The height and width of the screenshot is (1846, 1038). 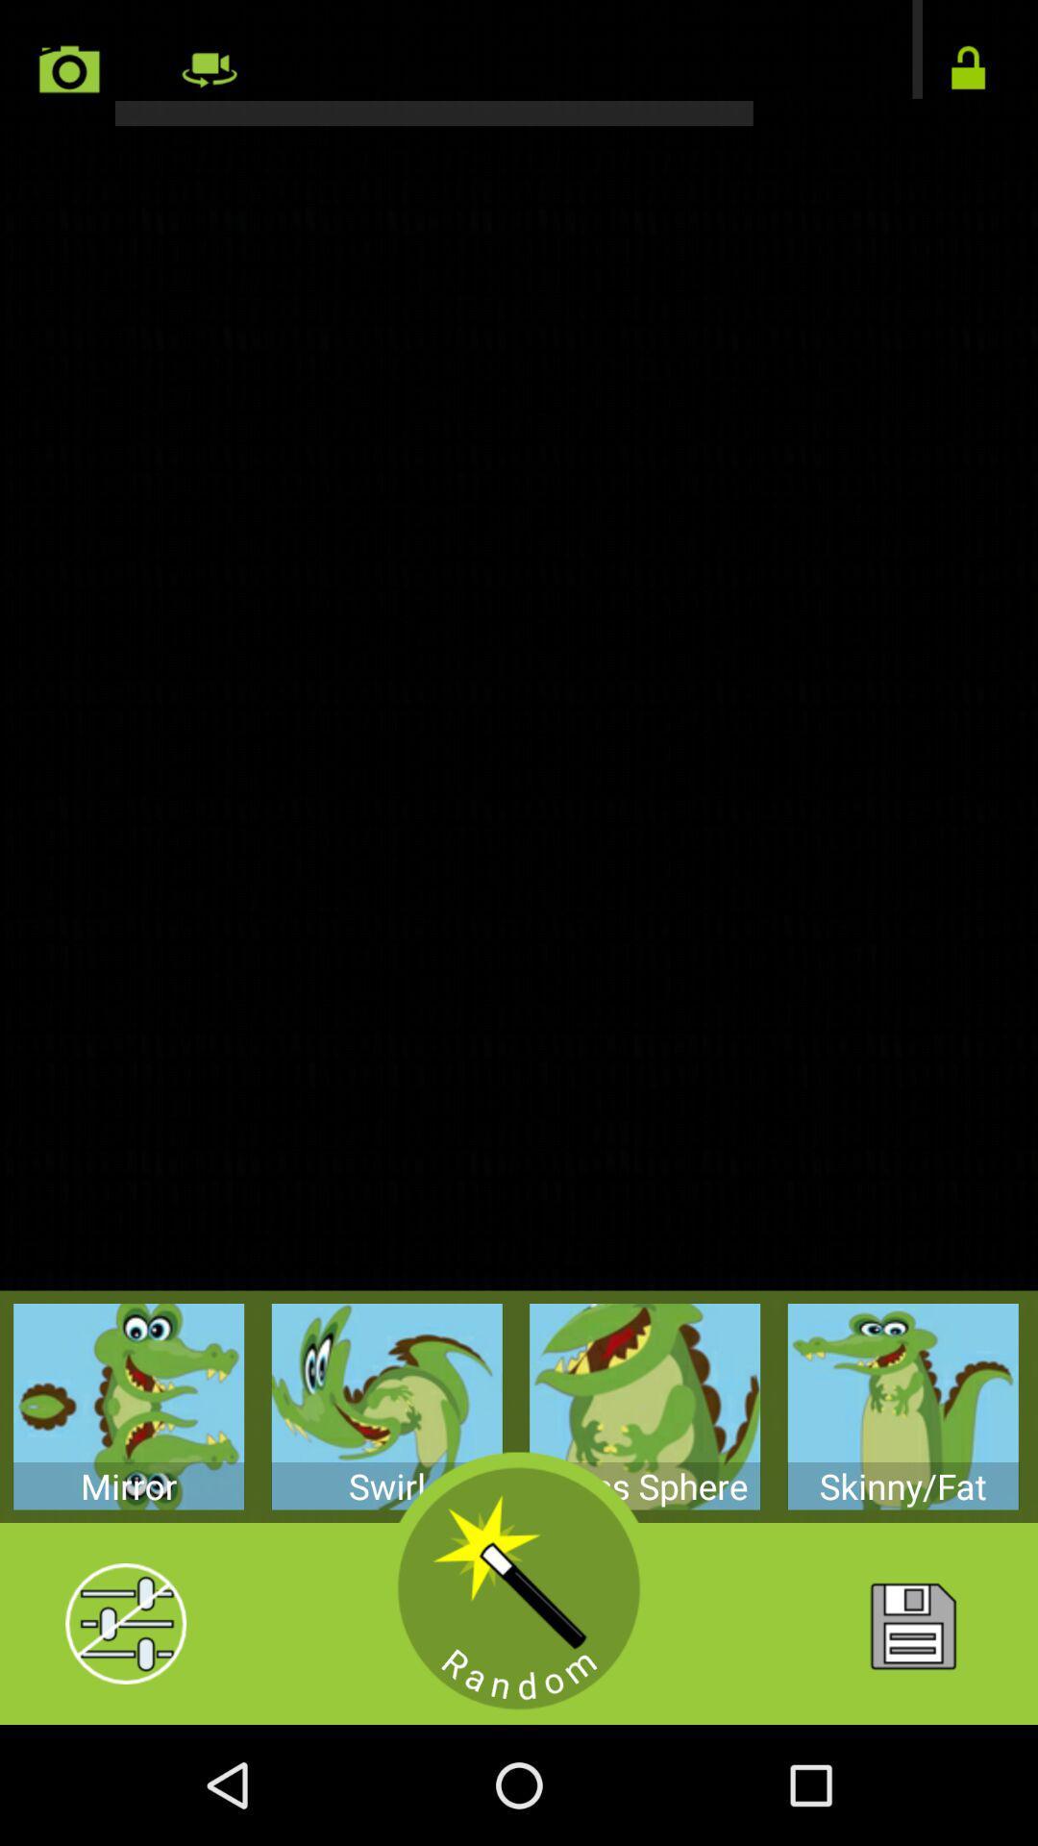 What do you see at coordinates (910, 1623) in the screenshot?
I see `image` at bounding box center [910, 1623].